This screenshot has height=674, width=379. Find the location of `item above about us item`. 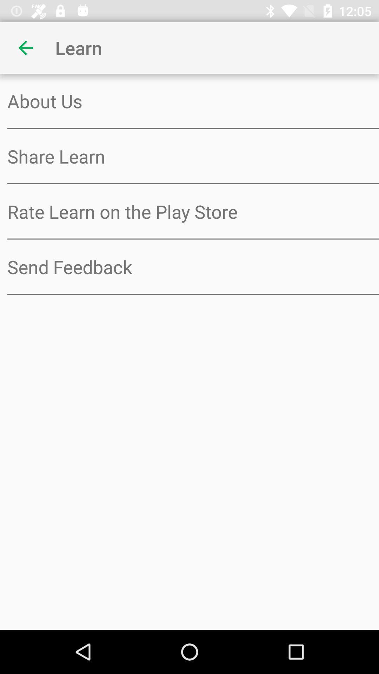

item above about us item is located at coordinates (25, 47).